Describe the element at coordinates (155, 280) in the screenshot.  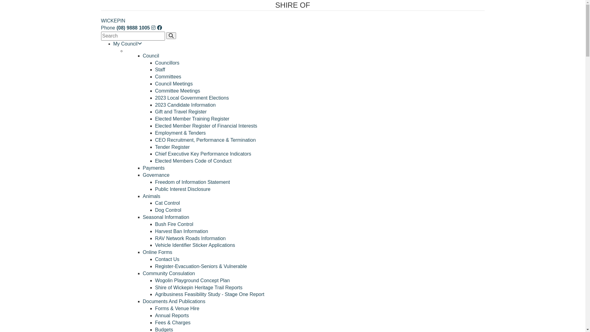
I see `'Wogolin Playground Concept Plan'` at that location.